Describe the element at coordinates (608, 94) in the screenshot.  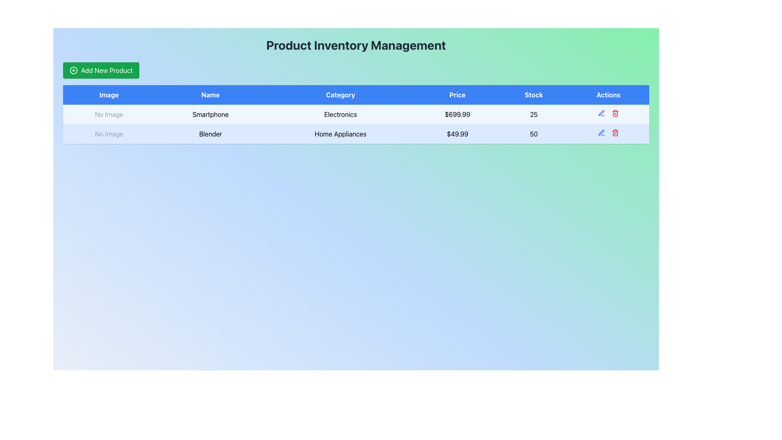
I see `the 'Actions' header section in the table with a blue background and white text, located at the top-right corner of the table header row` at that location.